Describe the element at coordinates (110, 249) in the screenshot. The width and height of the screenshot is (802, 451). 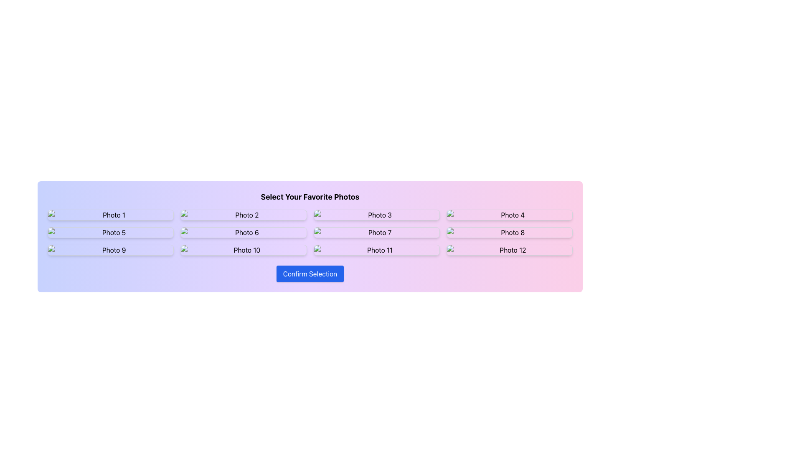
I see `the Image placeholder containing the text 'Photo 9'` at that location.